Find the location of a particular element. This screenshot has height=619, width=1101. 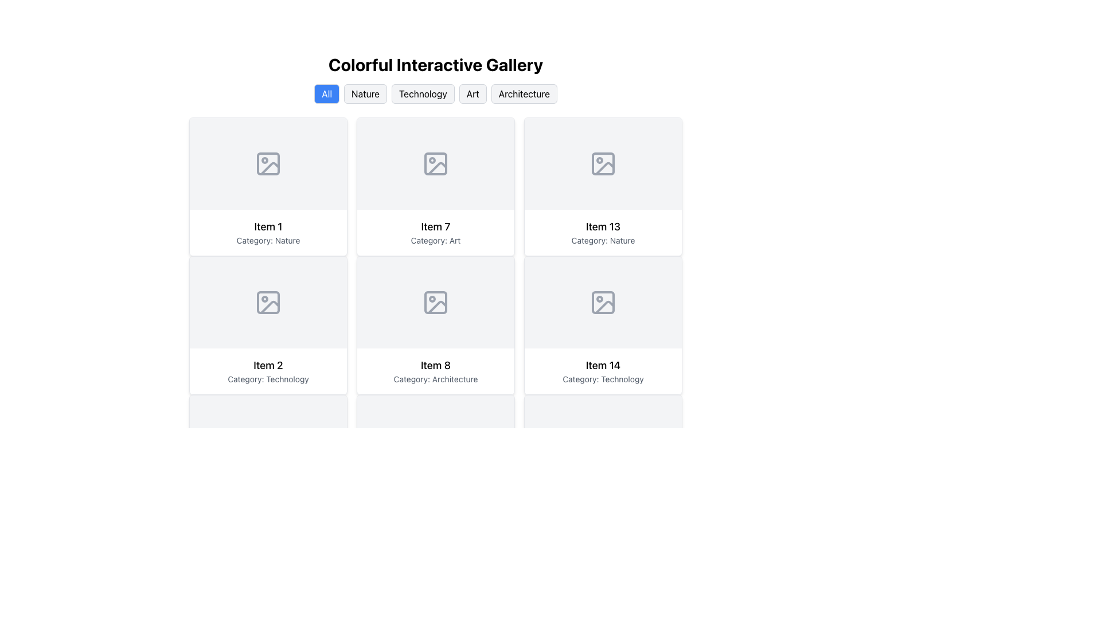

textual information block that describes 'Item 7' in the central column of the grid's second row is located at coordinates (435, 232).